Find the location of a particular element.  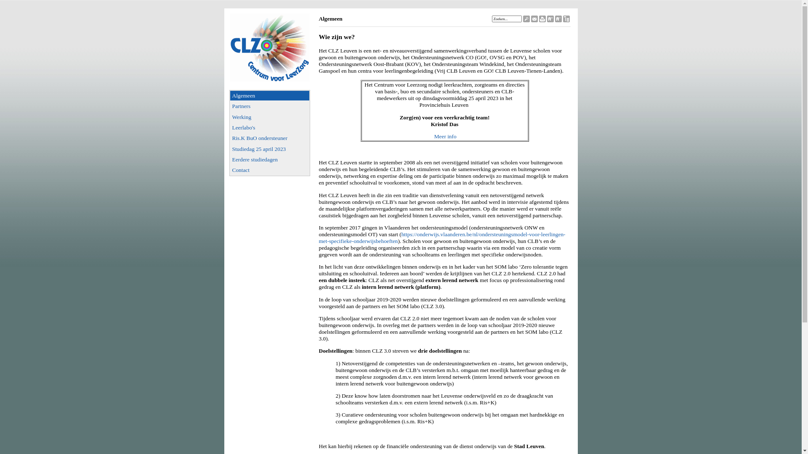

'Zoeken' is located at coordinates (522, 19).